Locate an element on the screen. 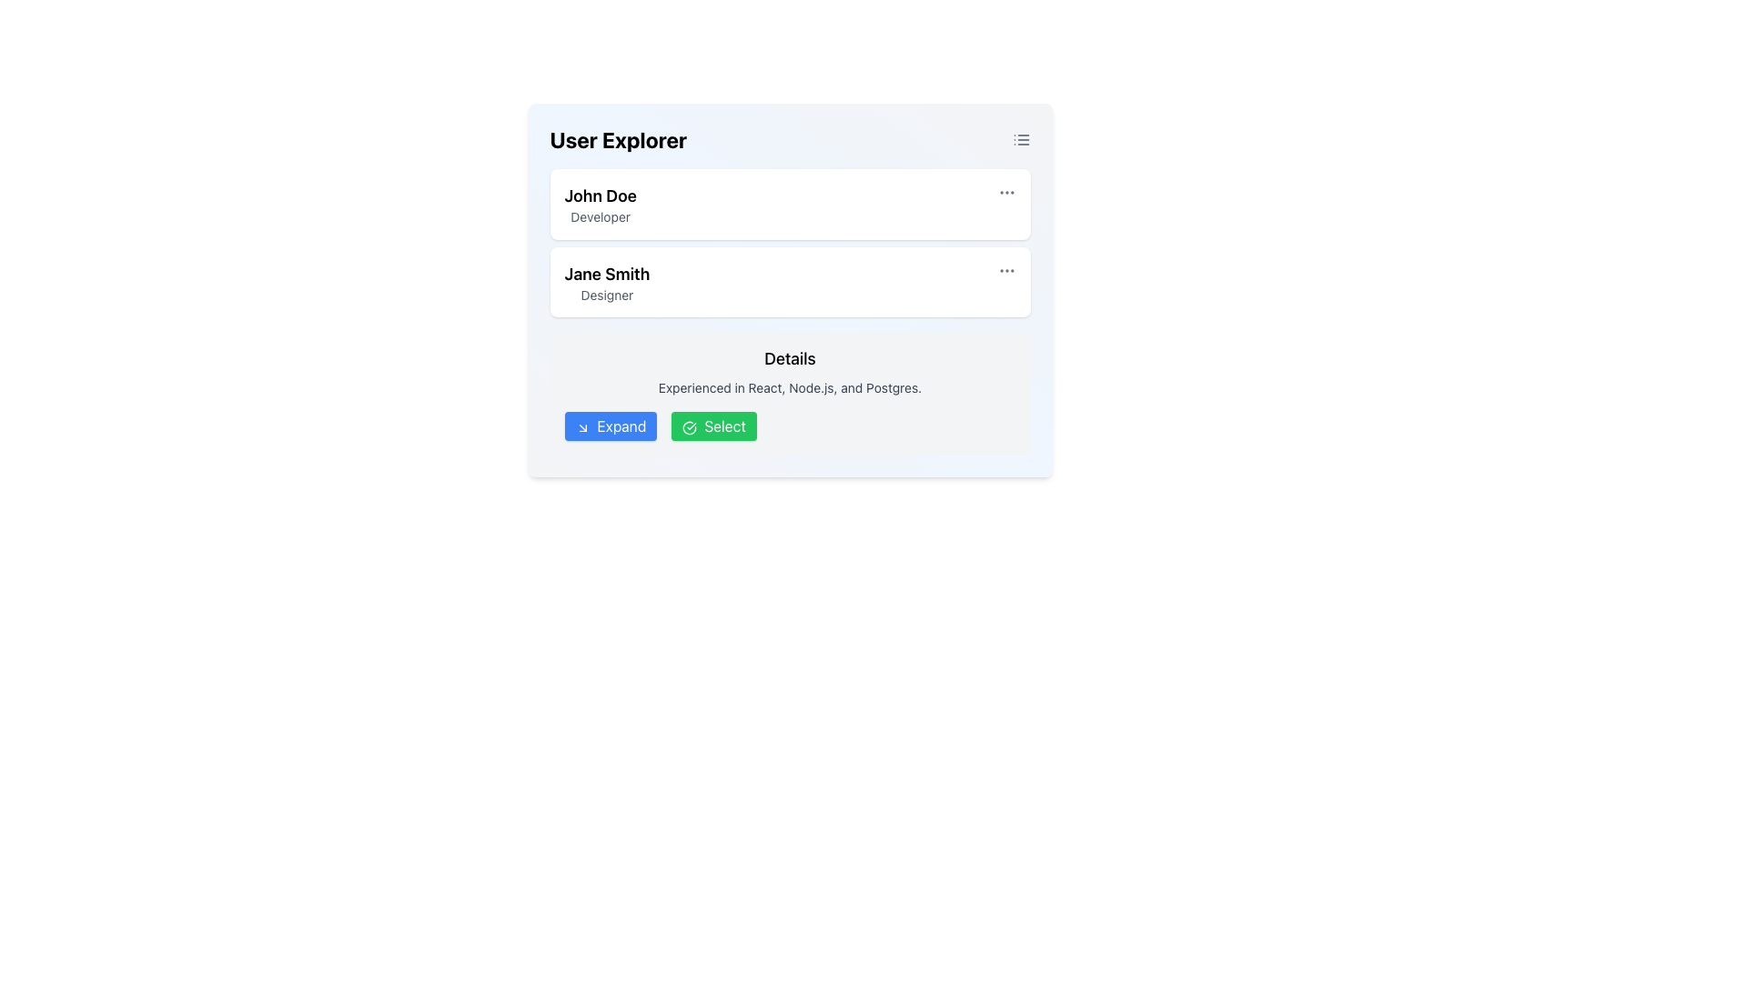 The width and height of the screenshot is (1747, 982). the static text label that reads 'Experienced in React, Node.js, and Postgres.' which is located below the 'Details' heading and above the 'Expand' and 'Select' buttons is located at coordinates (790, 387).